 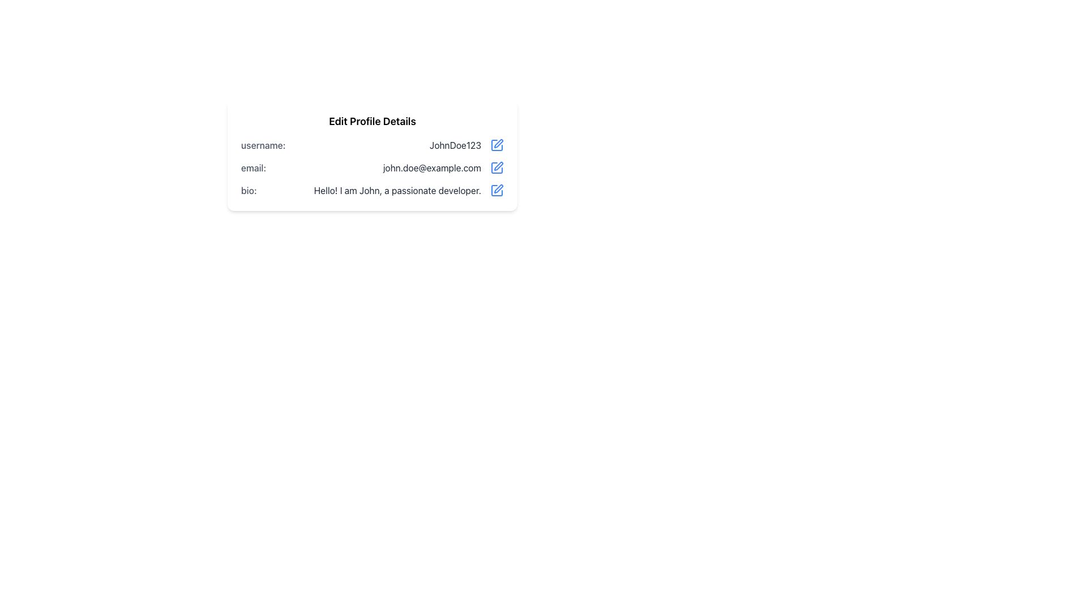 I want to click on the text label displaying 'bio:', which is styled with a medium font weight and light gray color, located to the left of the biography content in the profile section, so click(x=248, y=190).